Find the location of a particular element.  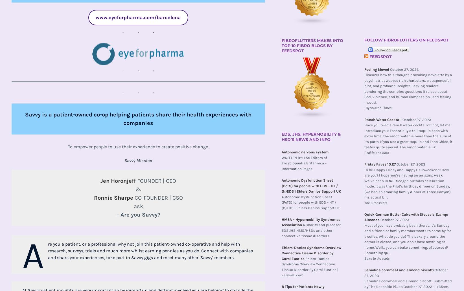

'A Charity and place for EDS JHS HMS/HSDs and other connective tissue disorders' is located at coordinates (281, 230).